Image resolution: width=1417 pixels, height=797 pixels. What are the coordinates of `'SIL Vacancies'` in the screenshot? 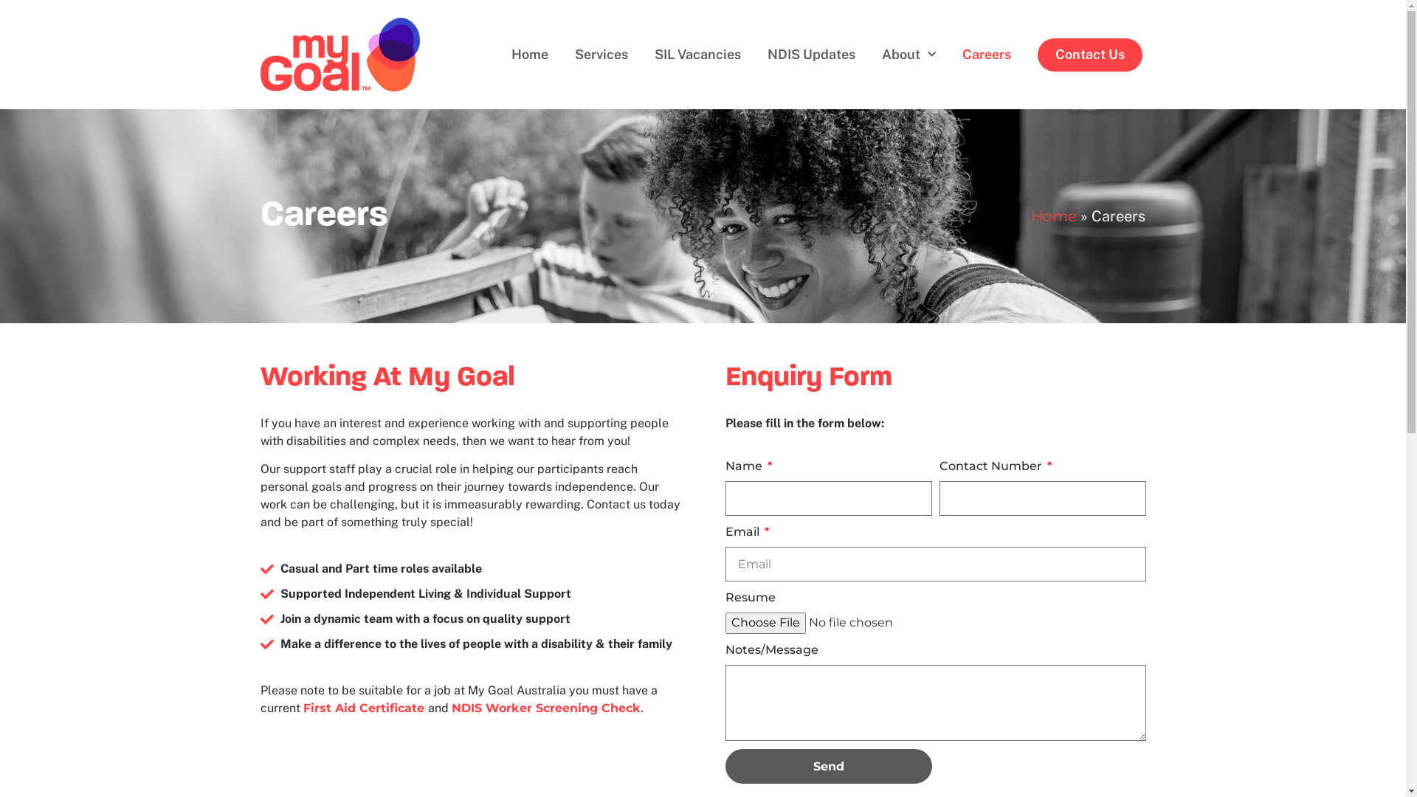 It's located at (697, 54).